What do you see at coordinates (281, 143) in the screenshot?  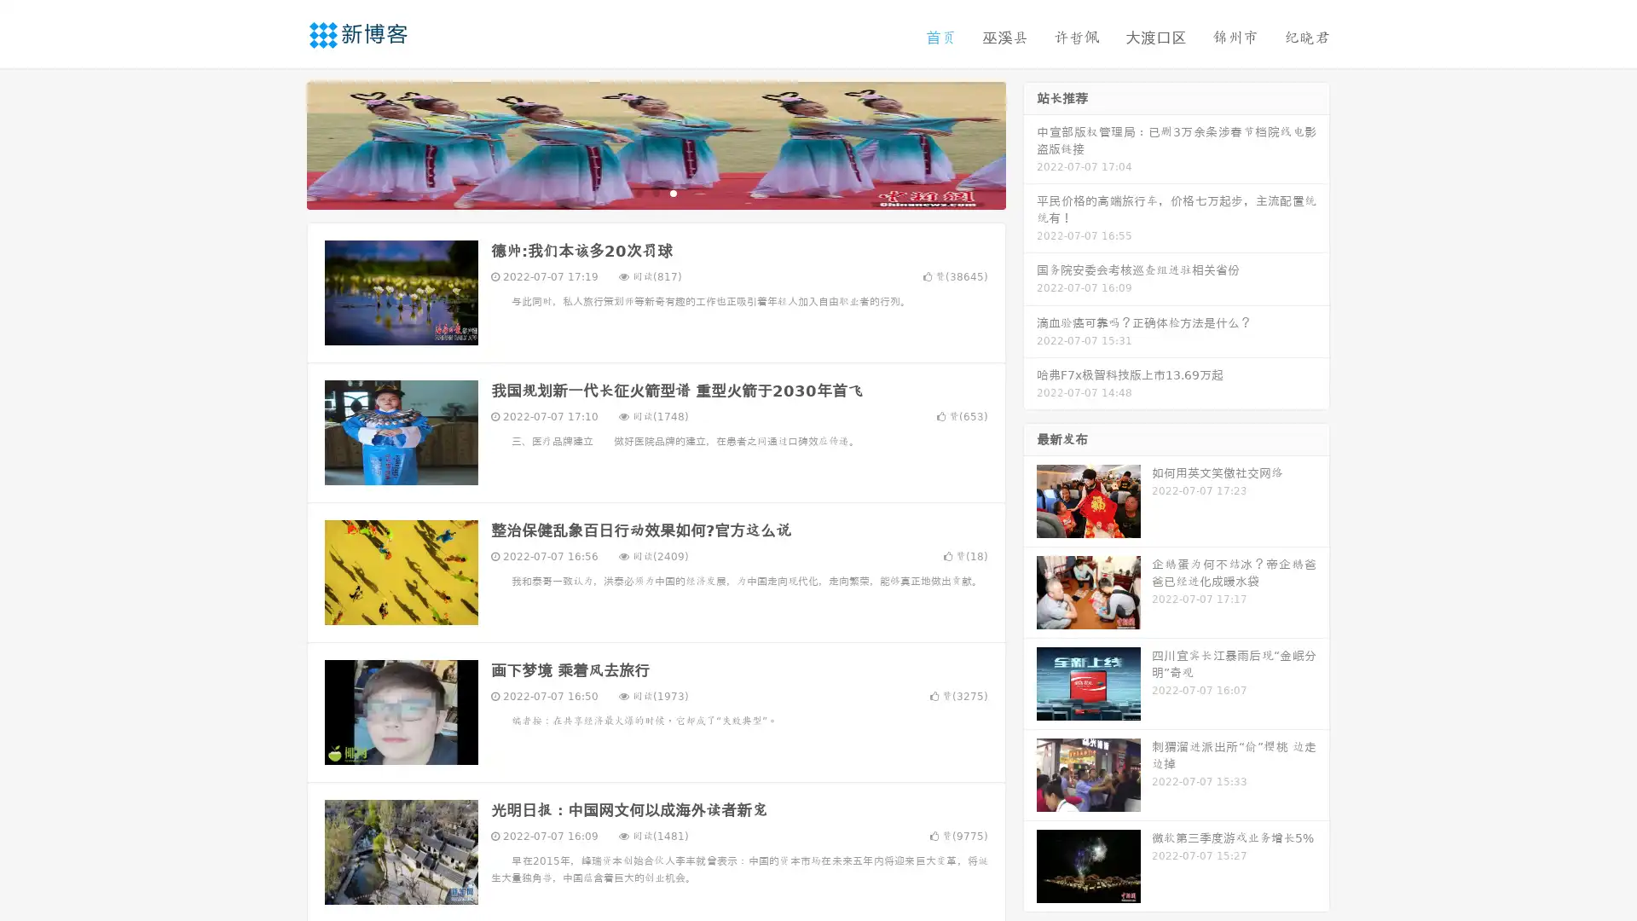 I see `Previous slide` at bounding box center [281, 143].